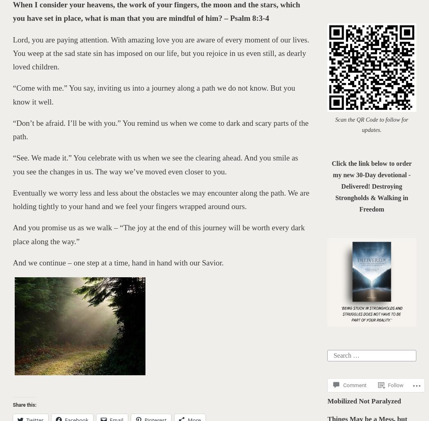  I want to click on 'Lord, you are paying attention. With amazing love you are aware of every moment of our lives. You weep at the sad state sin has imposed on our life, but you rejoice in us even still, as dearly loved children.', so click(161, 53).